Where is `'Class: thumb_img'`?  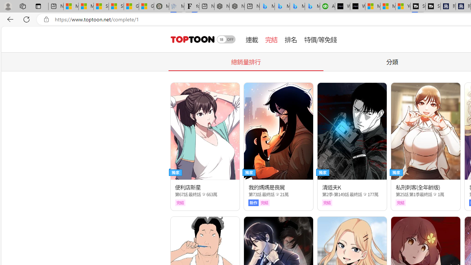 'Class: thumb_img' is located at coordinates (426, 131).